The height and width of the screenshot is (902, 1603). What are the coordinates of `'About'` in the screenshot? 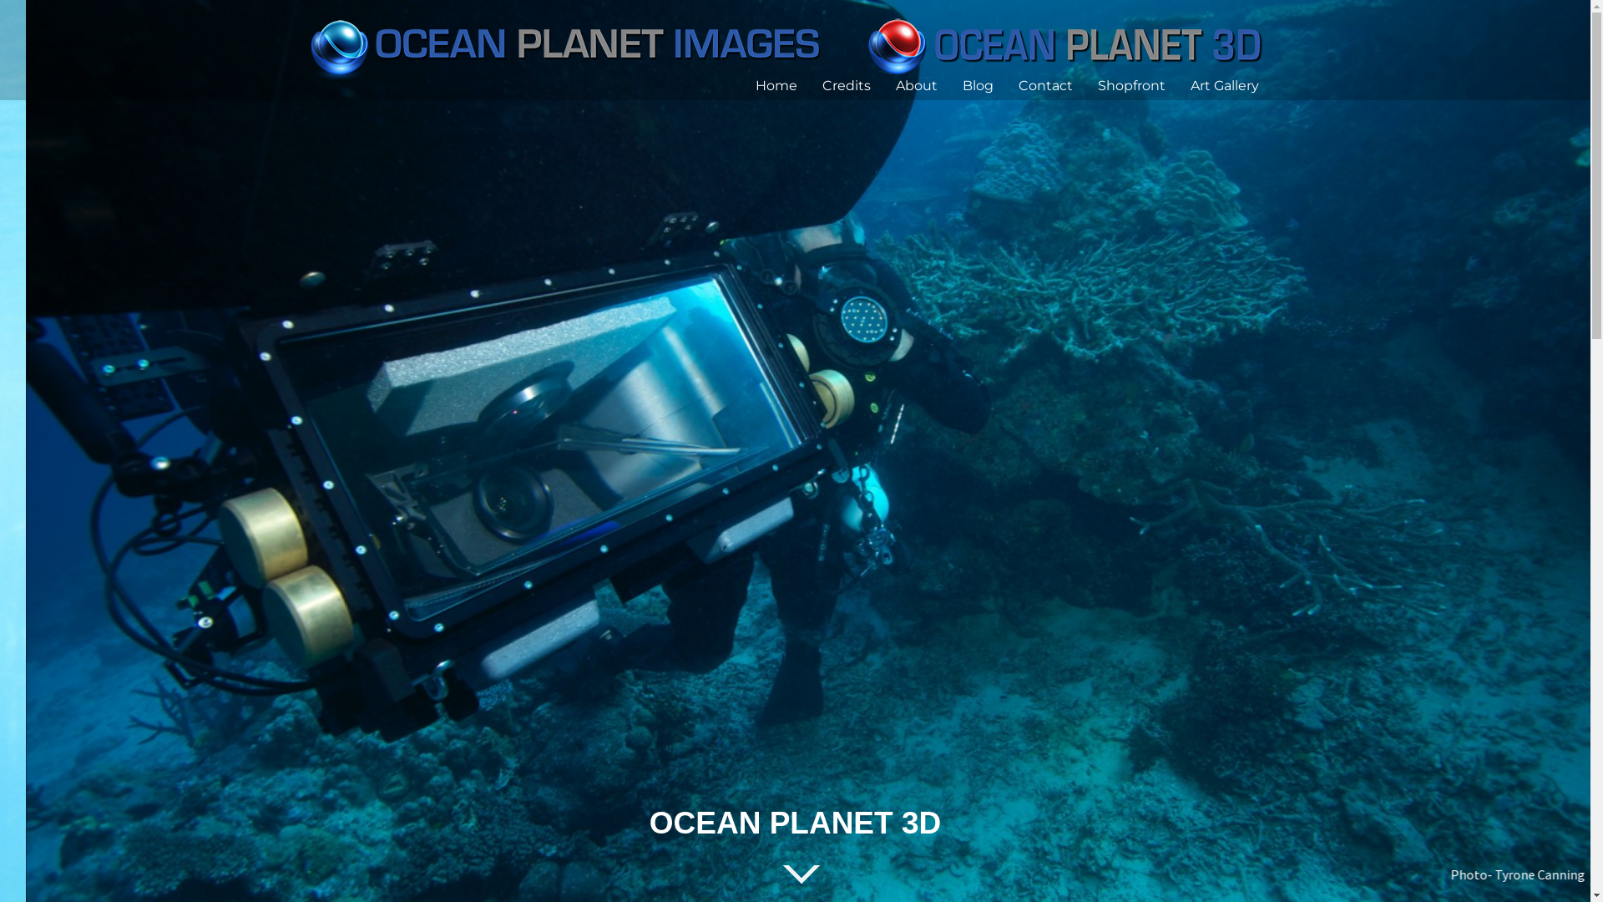 It's located at (893, 84).